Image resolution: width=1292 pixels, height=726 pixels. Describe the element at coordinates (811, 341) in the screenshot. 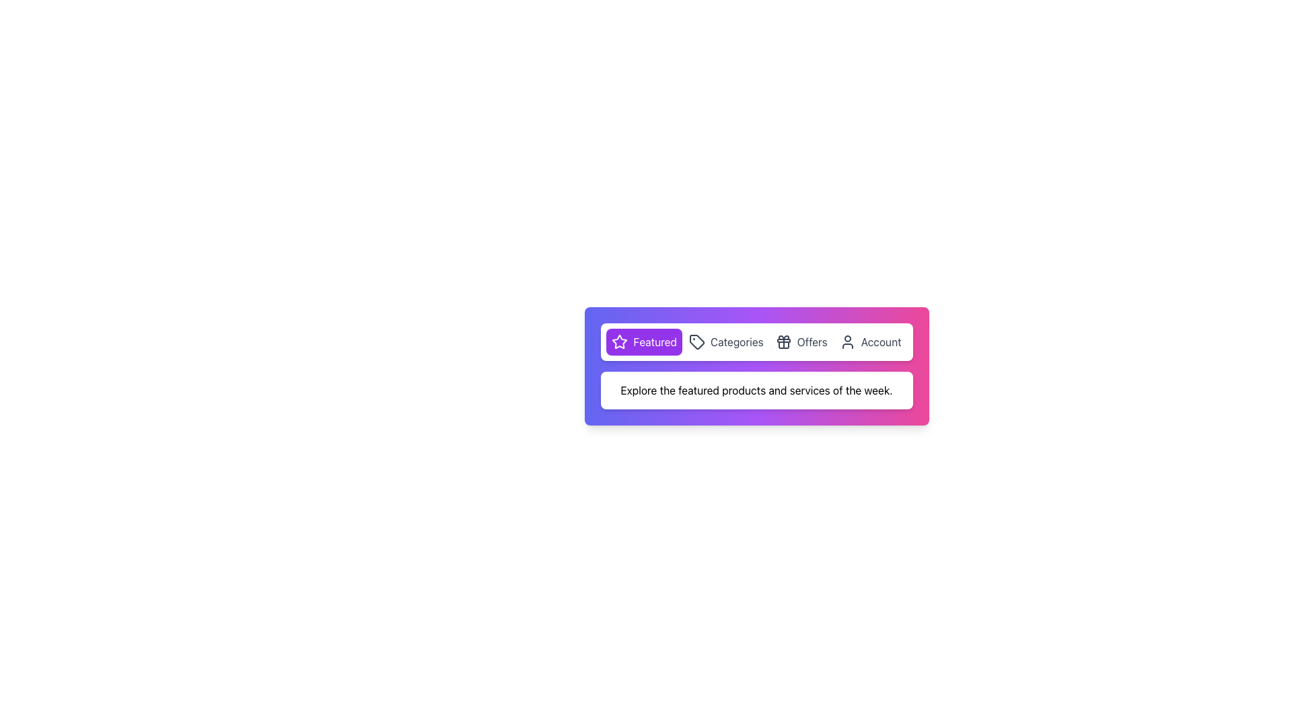

I see `the third navigational link labeled 'Offers' in the horizontal navigation bar, which is positioned between 'Categories' and 'Account'` at that location.